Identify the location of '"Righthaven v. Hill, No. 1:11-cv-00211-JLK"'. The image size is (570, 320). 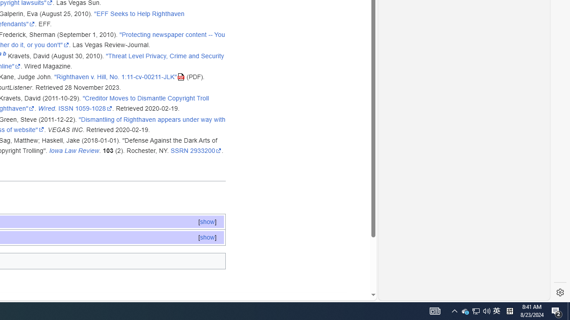
(119, 76).